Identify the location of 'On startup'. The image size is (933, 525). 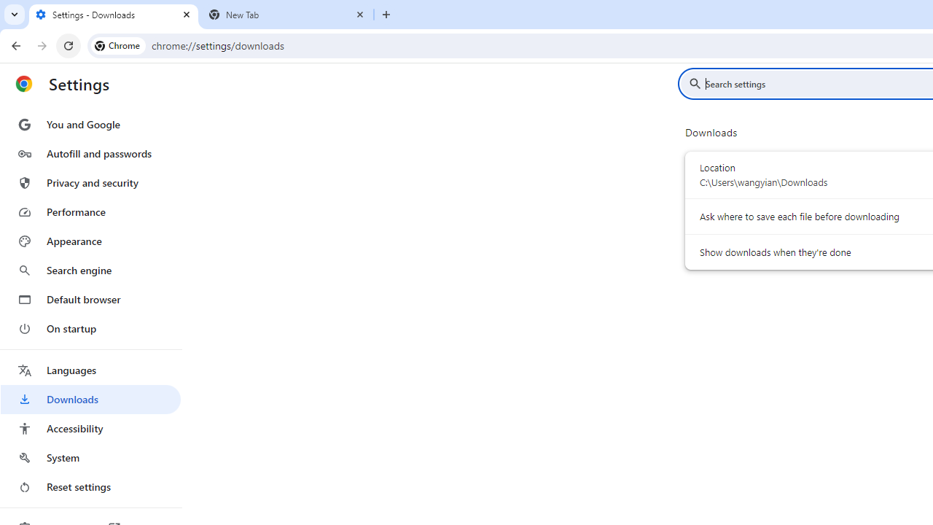
(90, 329).